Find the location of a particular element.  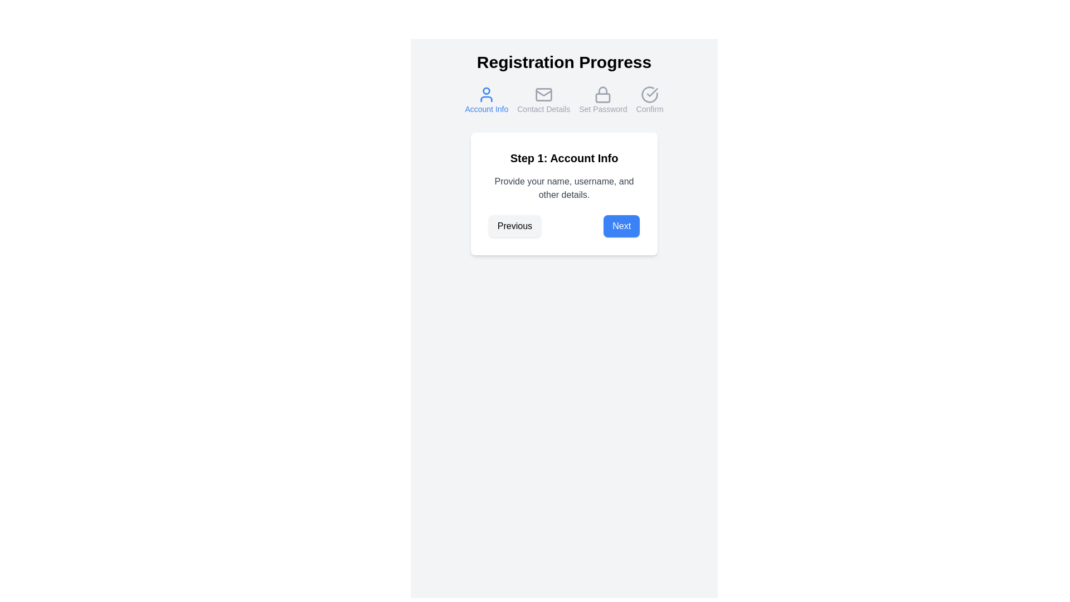

the circular progress indicator with a check mark labeled 'Confirm' located in the horizontal navigation bar to the right of the 'Set Password' step is located at coordinates (650, 100).